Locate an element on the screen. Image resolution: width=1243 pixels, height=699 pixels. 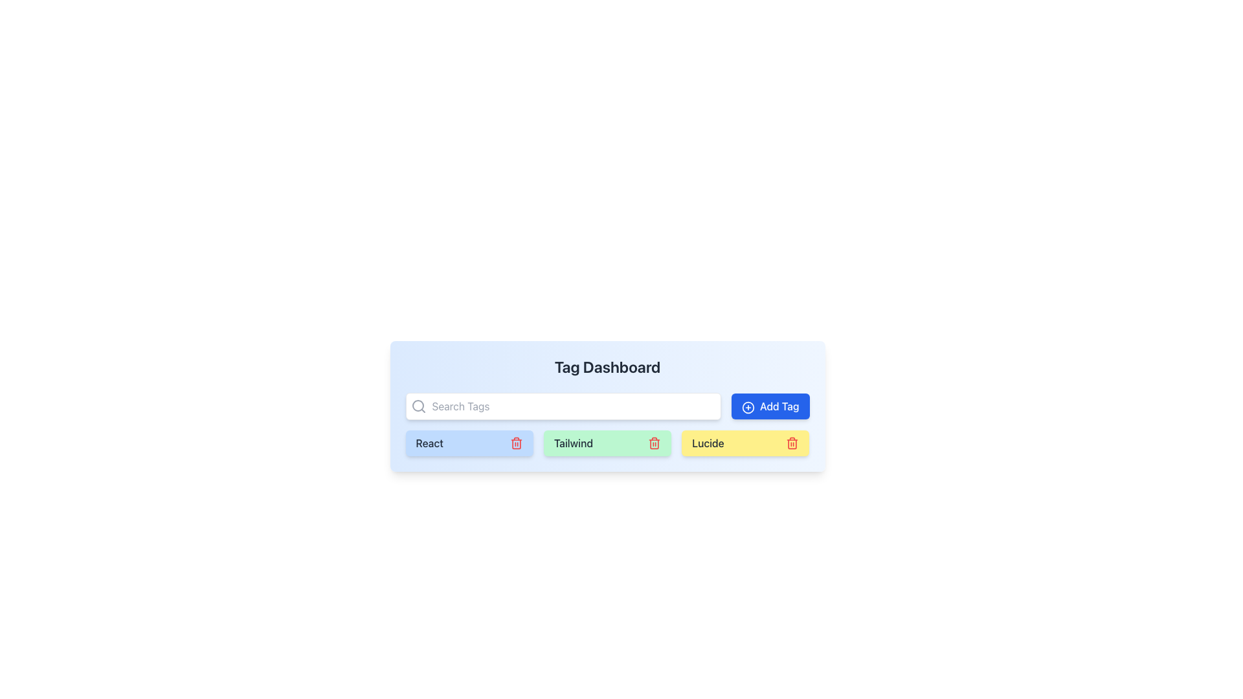
the SVG graphic element that signifies adding content, located within a button to the right of the search input field in the dashboard interface is located at coordinates (748, 406).